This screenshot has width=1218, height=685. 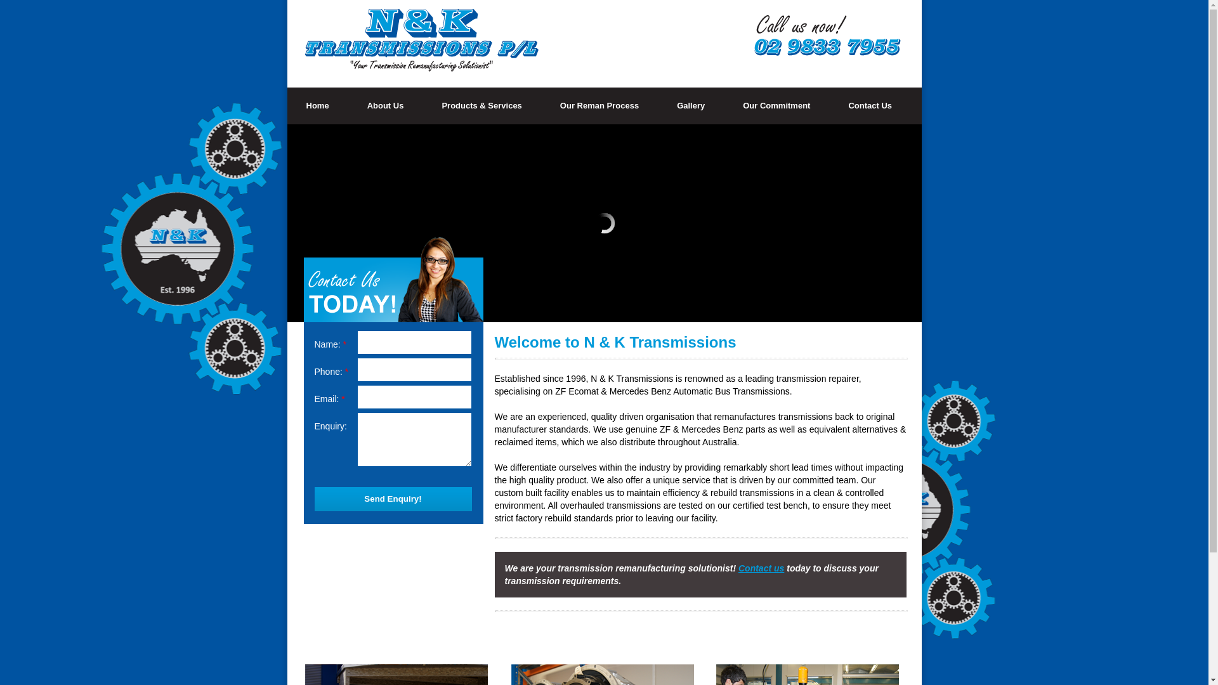 I want to click on 'Contact Us', so click(x=869, y=105).